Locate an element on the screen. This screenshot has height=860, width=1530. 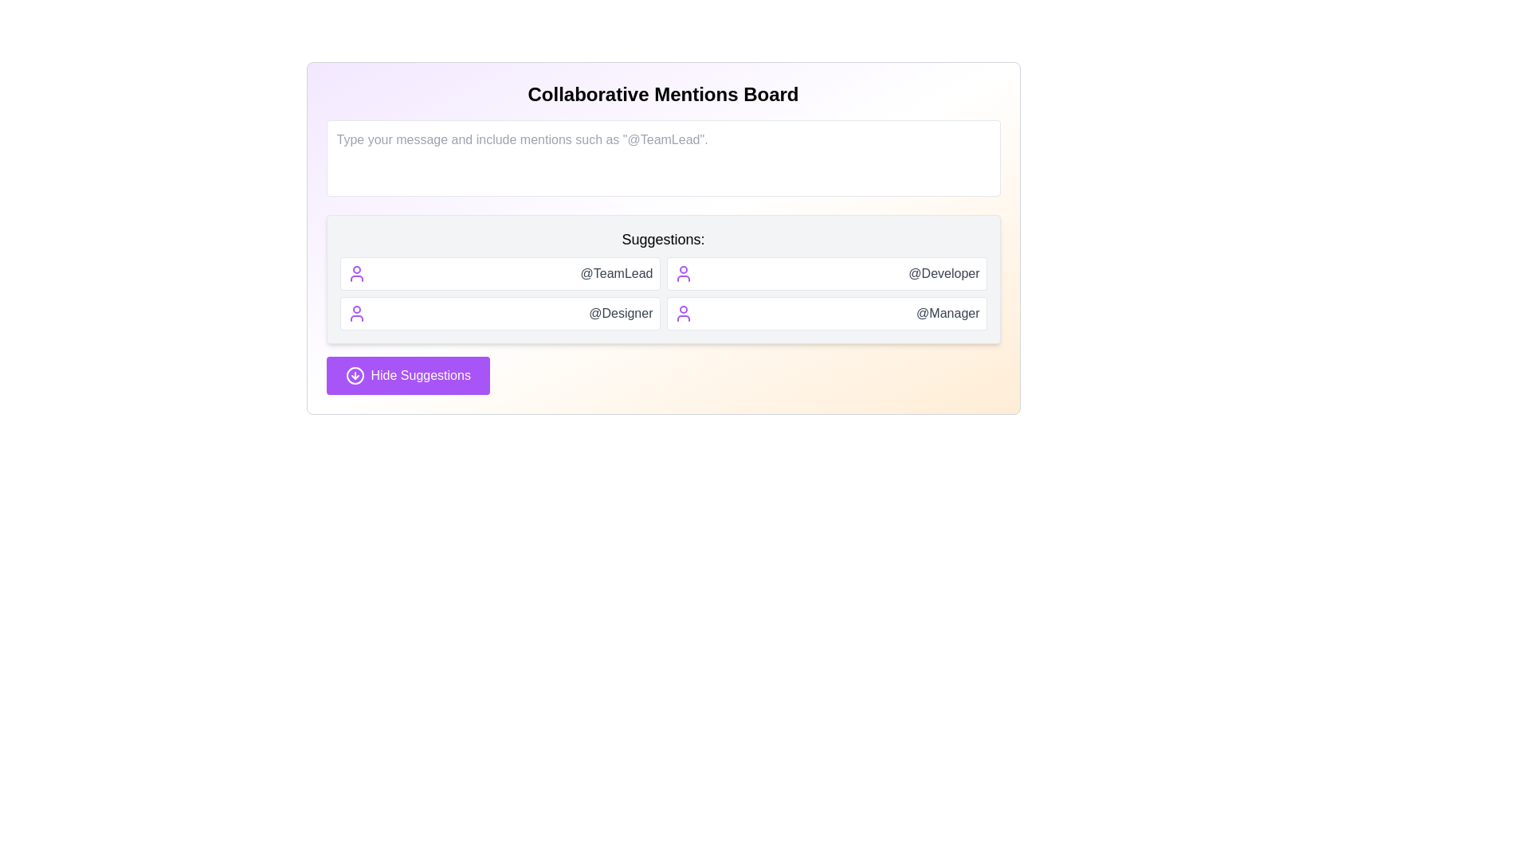
the decorative icon located within the suggestion control, positioned adjacent to the list of user suggestions below the text entry box is located at coordinates (354, 375).